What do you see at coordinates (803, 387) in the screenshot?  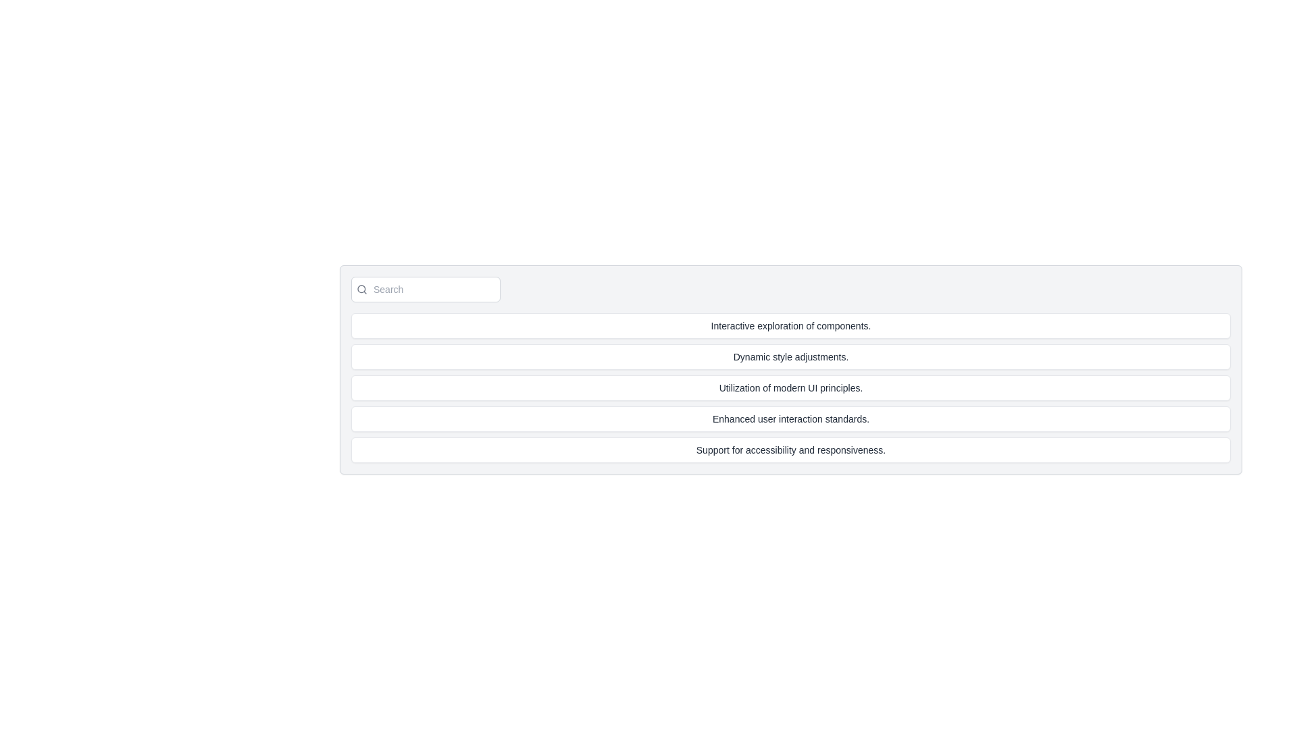 I see `the text element containing the letter 'n' at the end of the word 'modern' in the sentence 'Utilization of modern UI principles.'` at bounding box center [803, 387].